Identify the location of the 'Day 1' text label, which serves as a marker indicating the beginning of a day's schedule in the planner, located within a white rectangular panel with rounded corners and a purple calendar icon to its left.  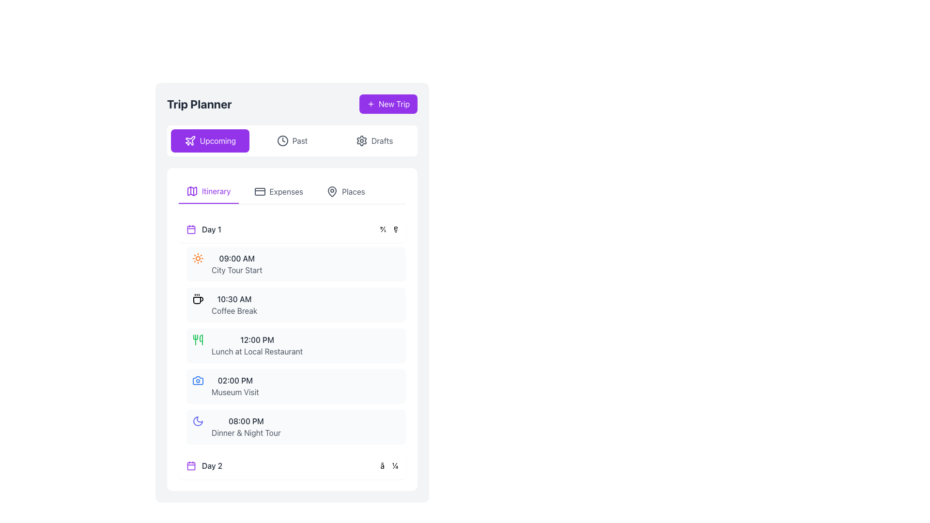
(203, 230).